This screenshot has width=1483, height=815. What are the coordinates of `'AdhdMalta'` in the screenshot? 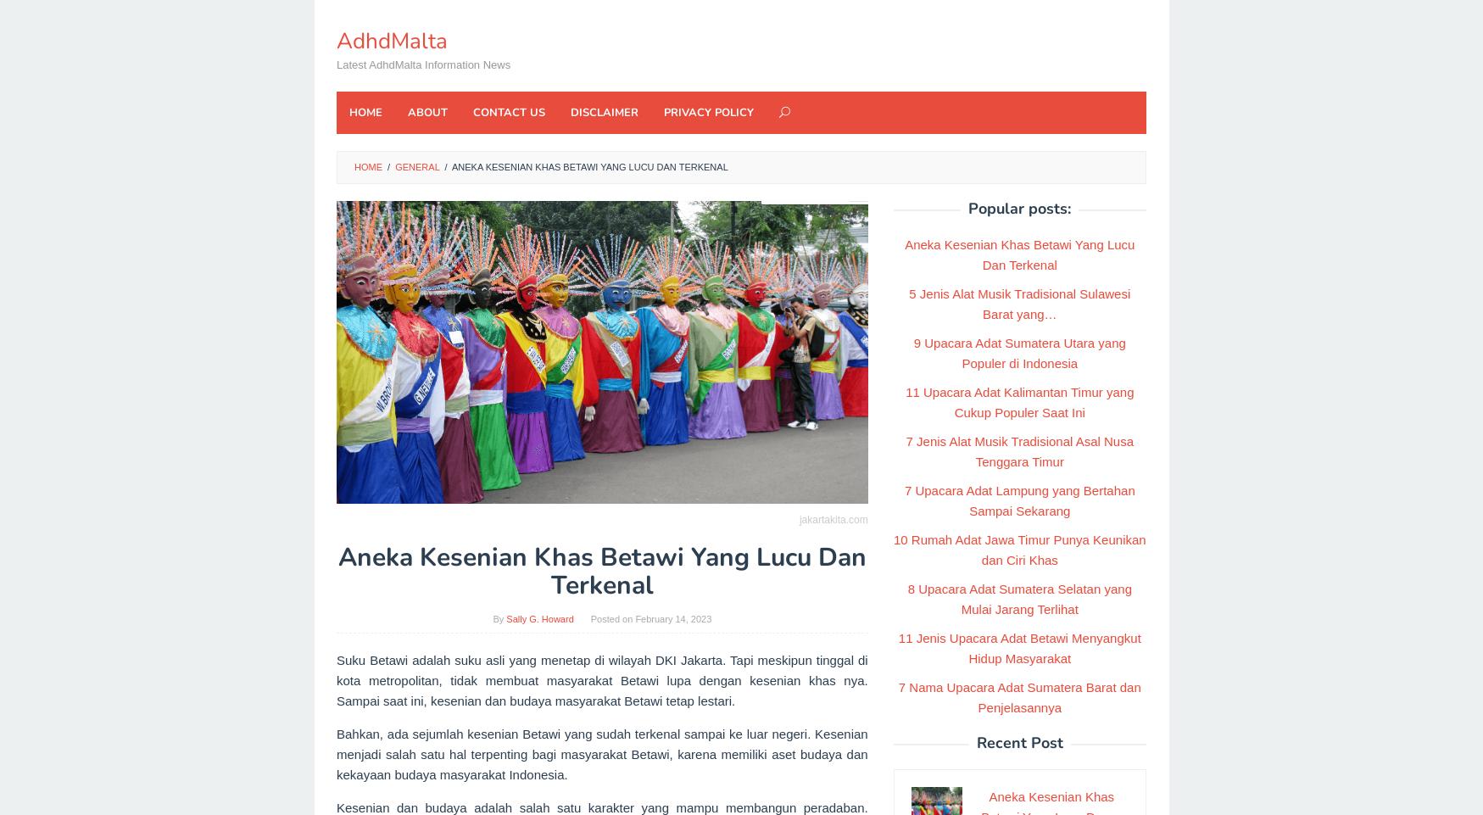 It's located at (391, 40).